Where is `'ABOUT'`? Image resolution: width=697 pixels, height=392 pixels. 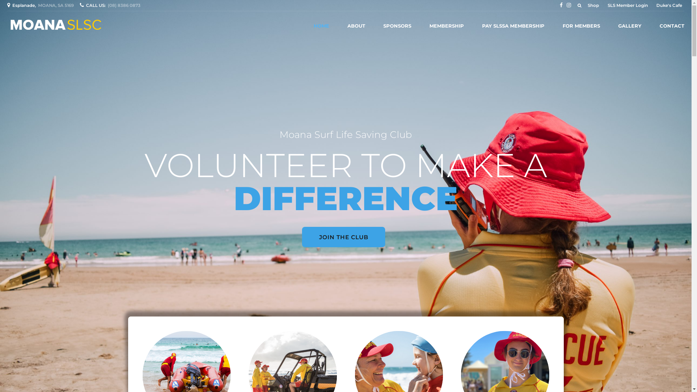 'ABOUT' is located at coordinates (356, 25).